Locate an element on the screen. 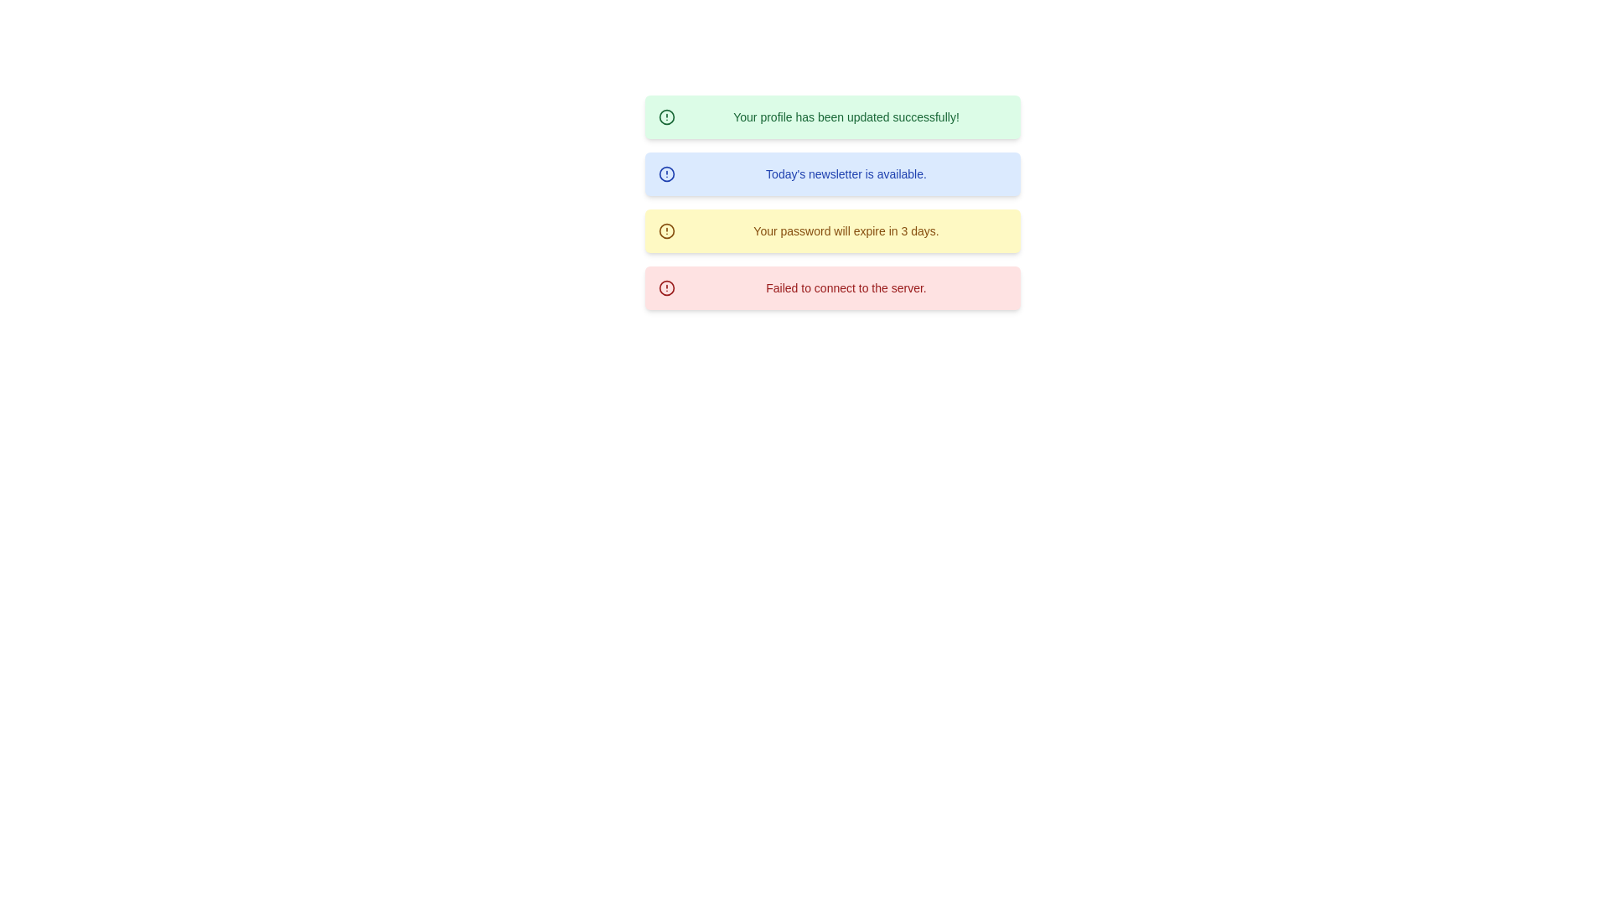  the circular outline icon in the third notification area from the top, which visually indicates an alert or warning is located at coordinates (666, 231).